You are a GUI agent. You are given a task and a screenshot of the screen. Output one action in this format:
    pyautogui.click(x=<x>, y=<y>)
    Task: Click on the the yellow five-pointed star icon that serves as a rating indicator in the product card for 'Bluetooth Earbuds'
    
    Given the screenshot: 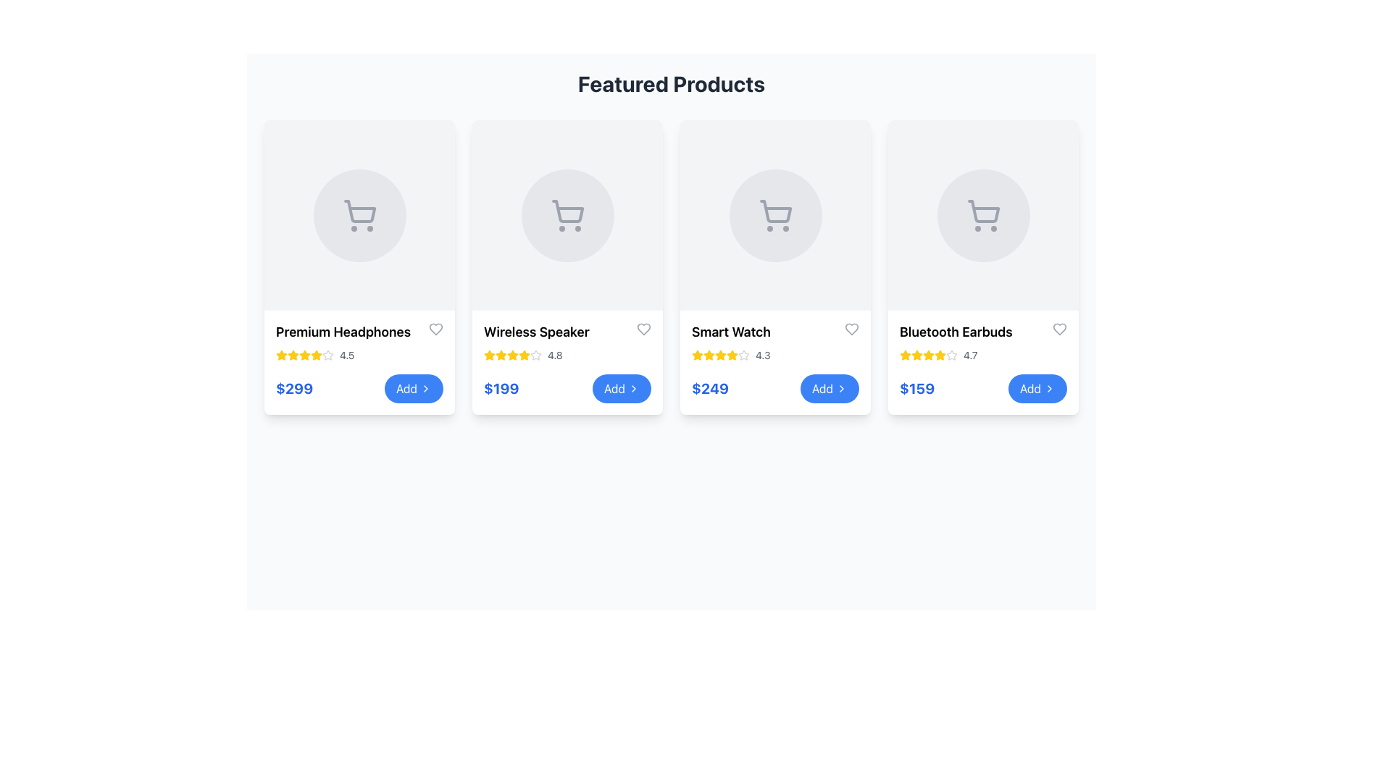 What is the action you would take?
    pyautogui.click(x=928, y=355)
    